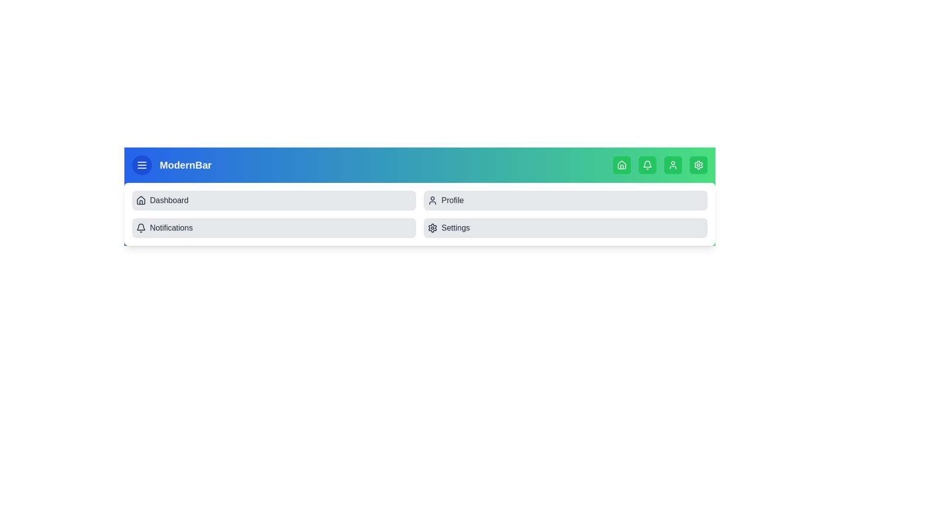 The image size is (944, 531). What do you see at coordinates (141, 164) in the screenshot?
I see `the toggle button to open or close the menu` at bounding box center [141, 164].